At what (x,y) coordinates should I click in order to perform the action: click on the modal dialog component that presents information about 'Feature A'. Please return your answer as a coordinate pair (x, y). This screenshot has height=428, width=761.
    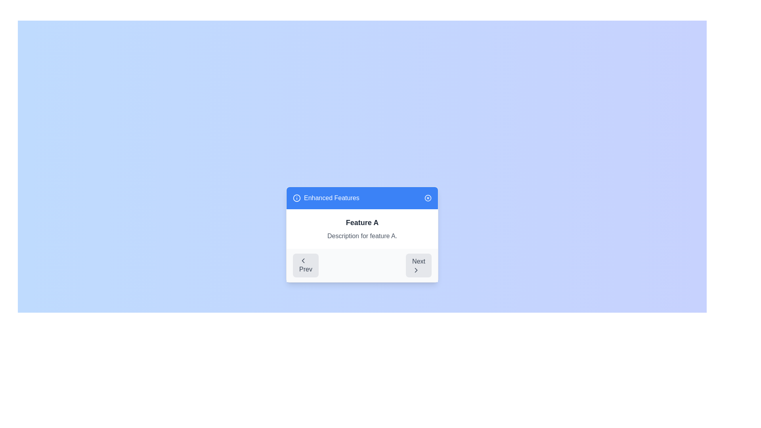
    Looking at the image, I should click on (361, 234).